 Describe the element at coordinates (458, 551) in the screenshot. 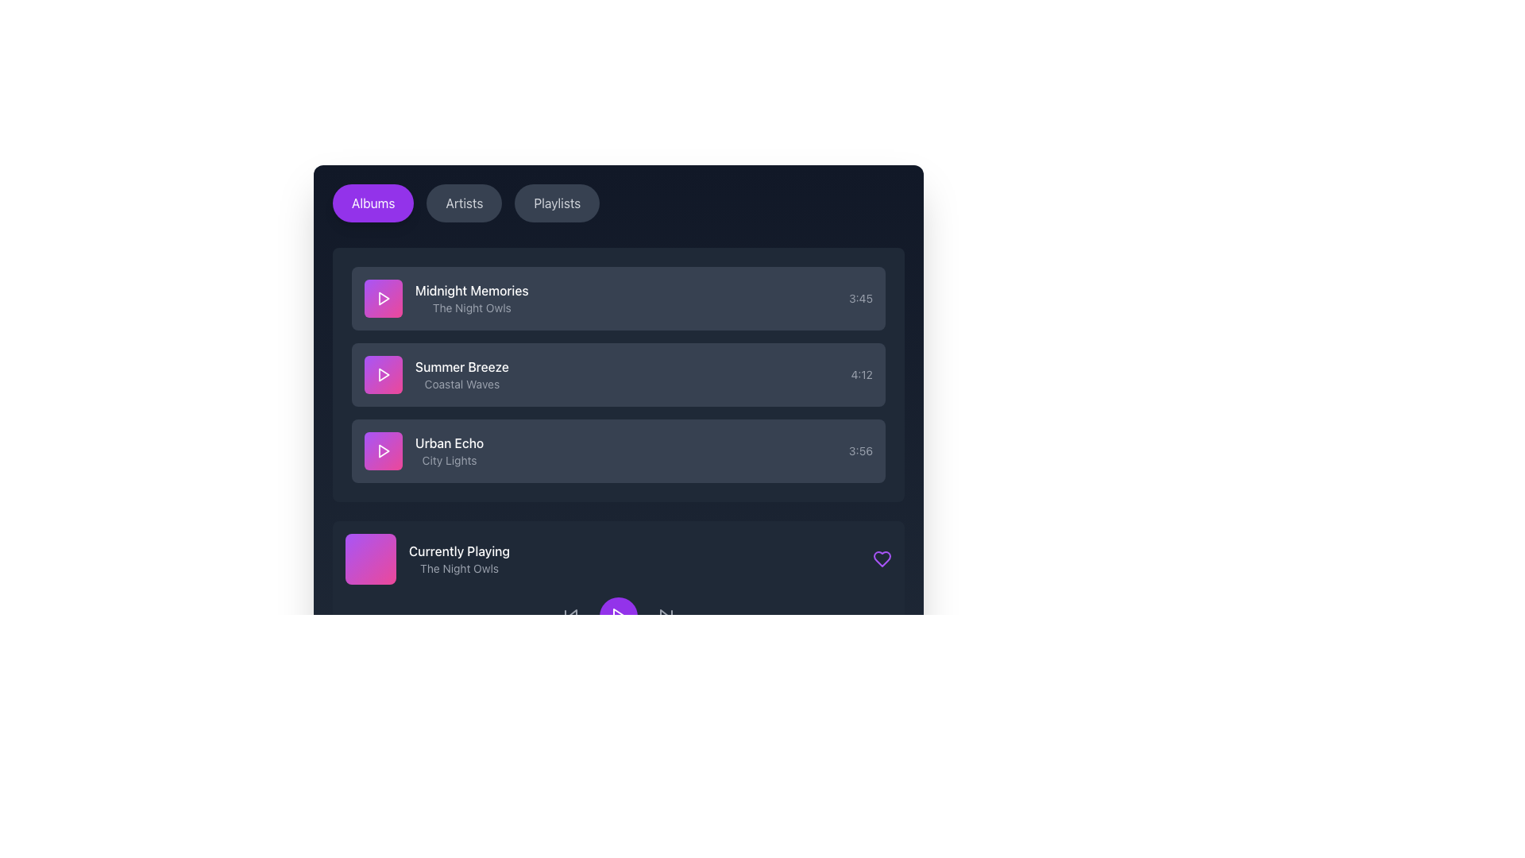

I see `the text label indicating the status or category of the currently playing song, located above the label 'The Night Owls'` at that location.